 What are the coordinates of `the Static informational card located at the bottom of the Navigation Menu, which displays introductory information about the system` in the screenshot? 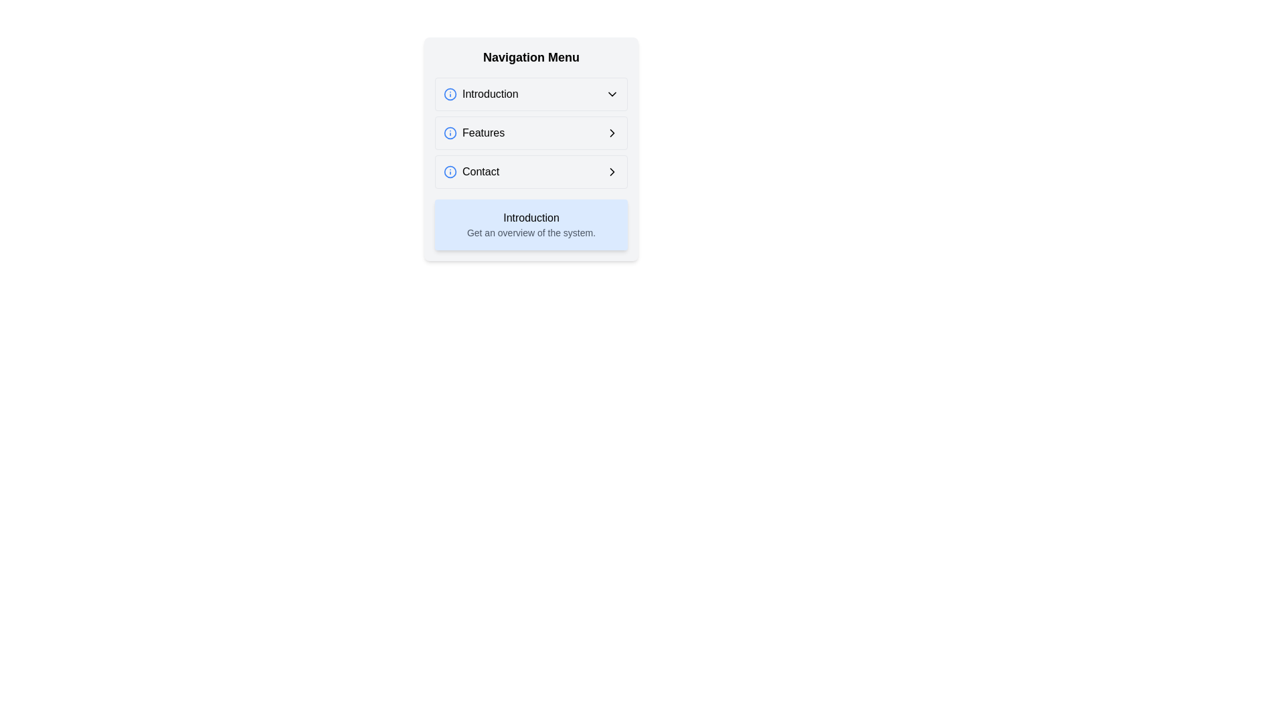 It's located at (530, 224).